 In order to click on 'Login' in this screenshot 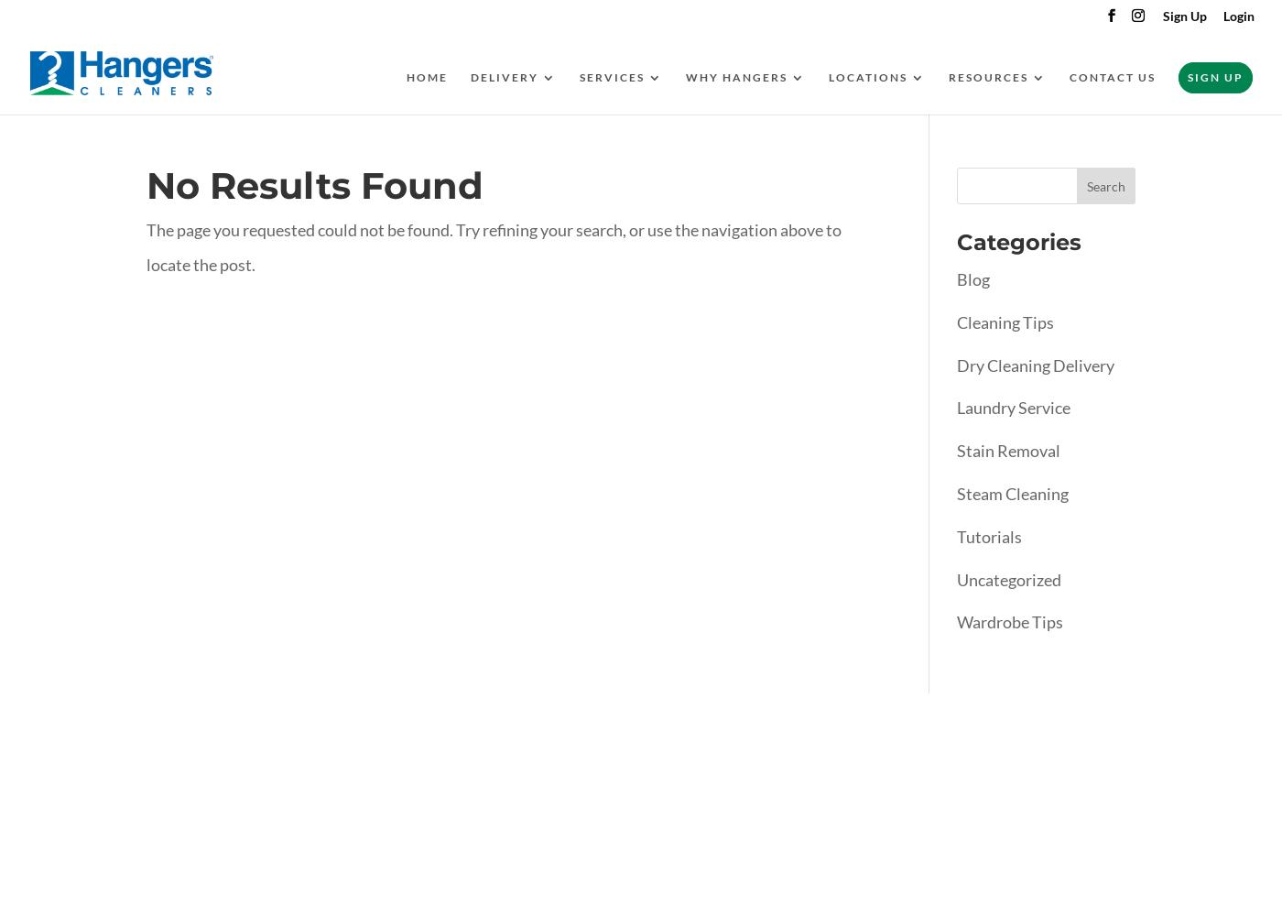, I will do `click(1238, 15)`.